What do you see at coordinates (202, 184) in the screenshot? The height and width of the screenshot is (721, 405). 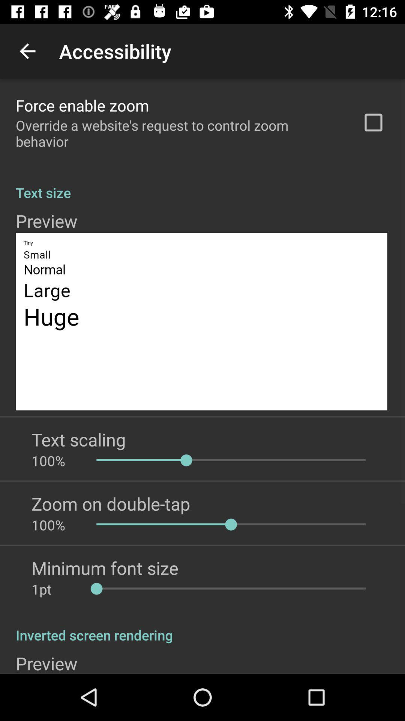 I see `the icon below override a website icon` at bounding box center [202, 184].